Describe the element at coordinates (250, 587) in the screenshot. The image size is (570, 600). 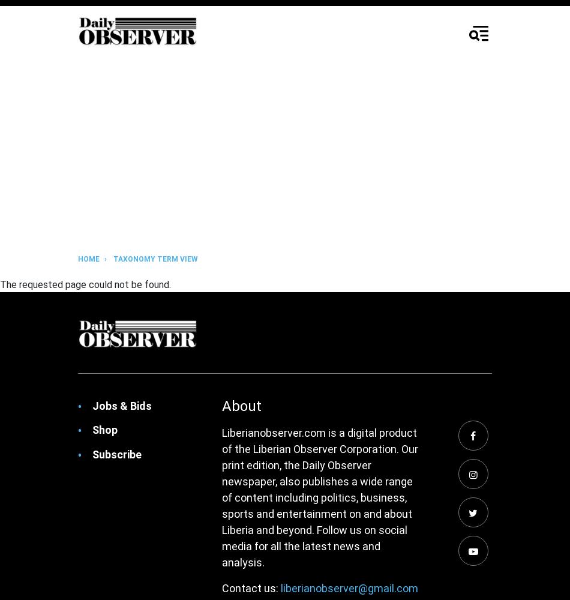
I see `'Contact us:'` at that location.